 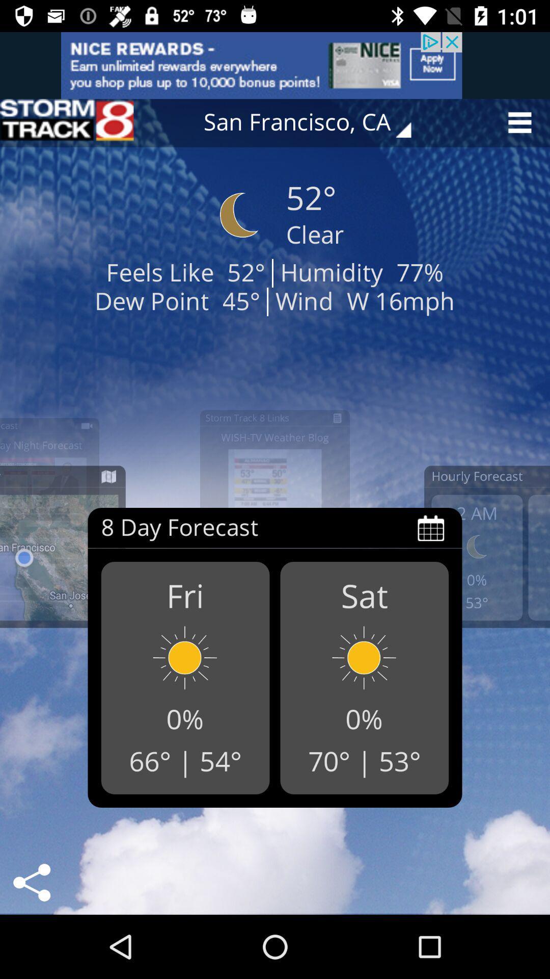 What do you see at coordinates (31, 882) in the screenshot?
I see `the share icon` at bounding box center [31, 882].